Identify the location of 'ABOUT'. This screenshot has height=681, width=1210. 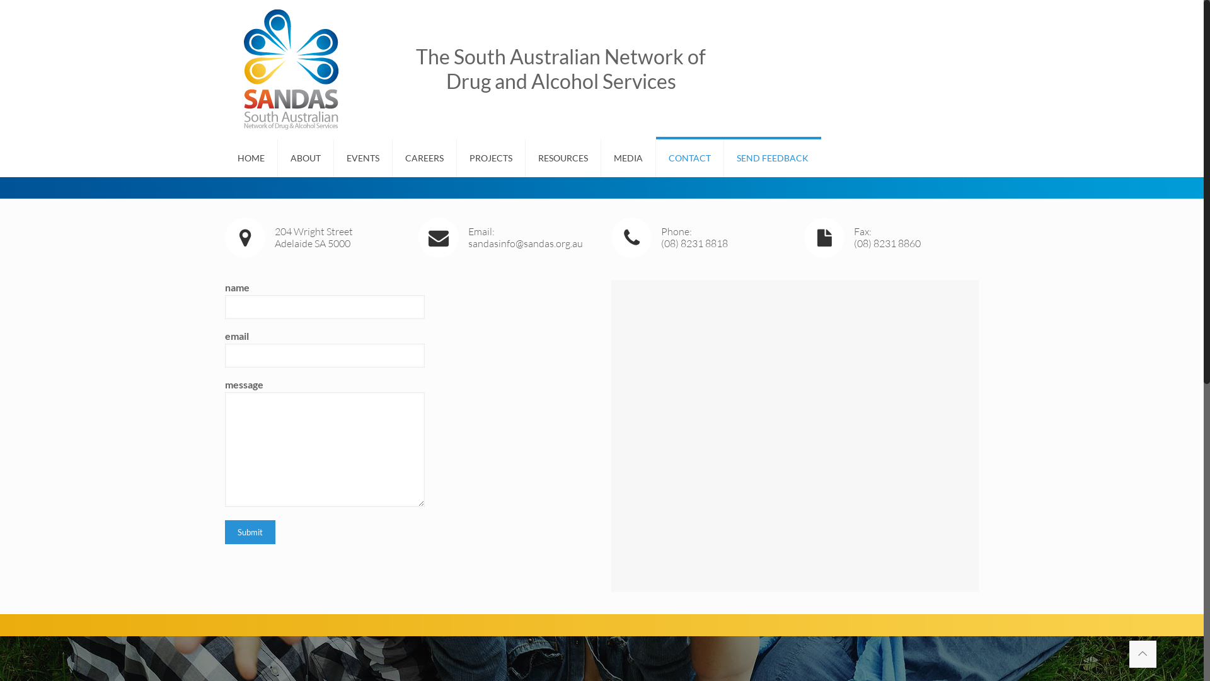
(306, 157).